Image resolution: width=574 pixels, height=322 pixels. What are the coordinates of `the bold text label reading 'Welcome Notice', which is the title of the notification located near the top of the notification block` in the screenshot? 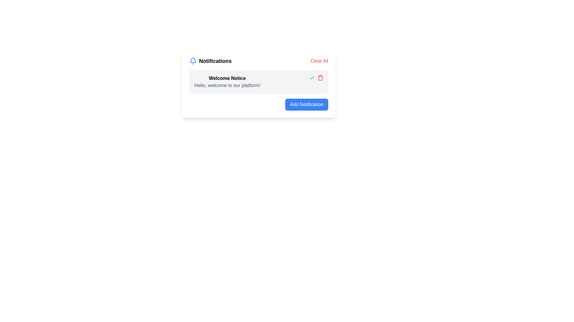 It's located at (227, 78).